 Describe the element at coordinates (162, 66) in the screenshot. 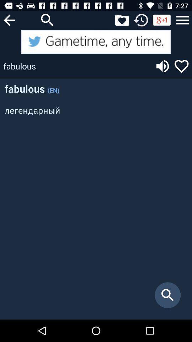

I see `the volume icon` at that location.